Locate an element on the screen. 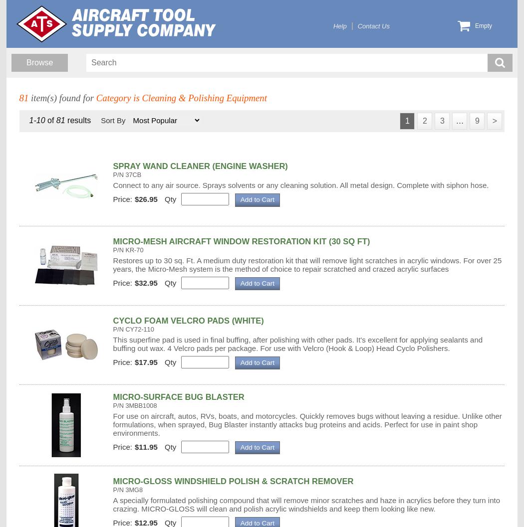  'For use on aircraft, autos, RVs, boats, and motorcycles. Quickly removes bugs without leaving a residue. Unlike other formulations, when sprayed, Bug Blaster instantly attacks bug proteins and acids. Perfect for use in paint shop environments.' is located at coordinates (112, 423).